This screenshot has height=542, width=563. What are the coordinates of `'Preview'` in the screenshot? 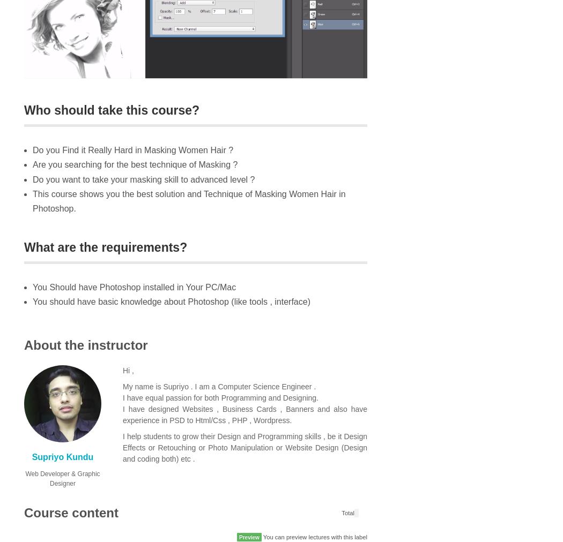 It's located at (249, 537).